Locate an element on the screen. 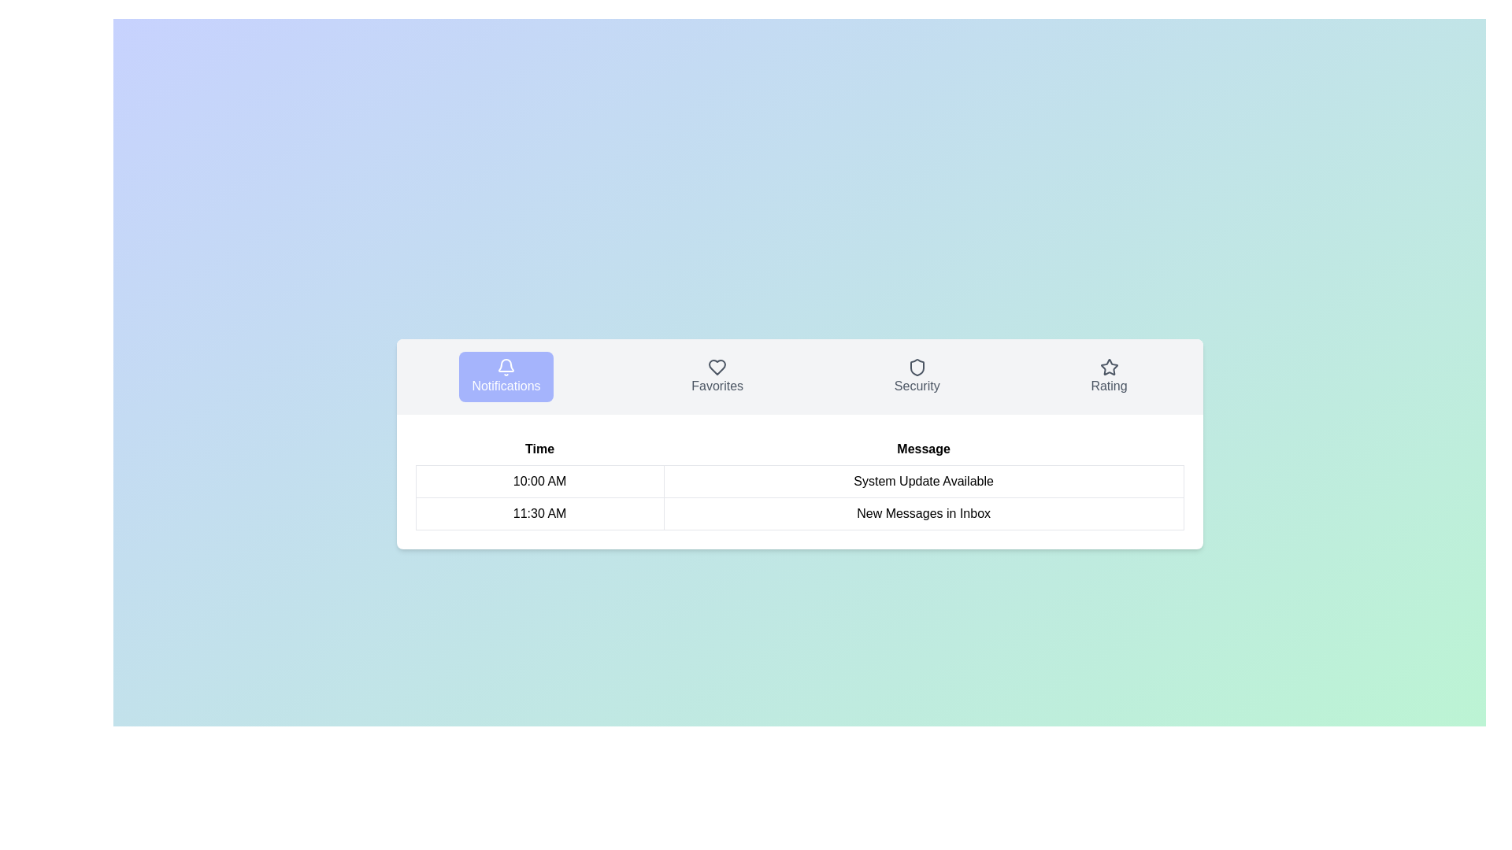 The image size is (1512, 850). the static text label displaying the notification message 'System Update Available' located in the 'Message' column of the table, specifically in the row for '10:00 AM' is located at coordinates (924, 480).